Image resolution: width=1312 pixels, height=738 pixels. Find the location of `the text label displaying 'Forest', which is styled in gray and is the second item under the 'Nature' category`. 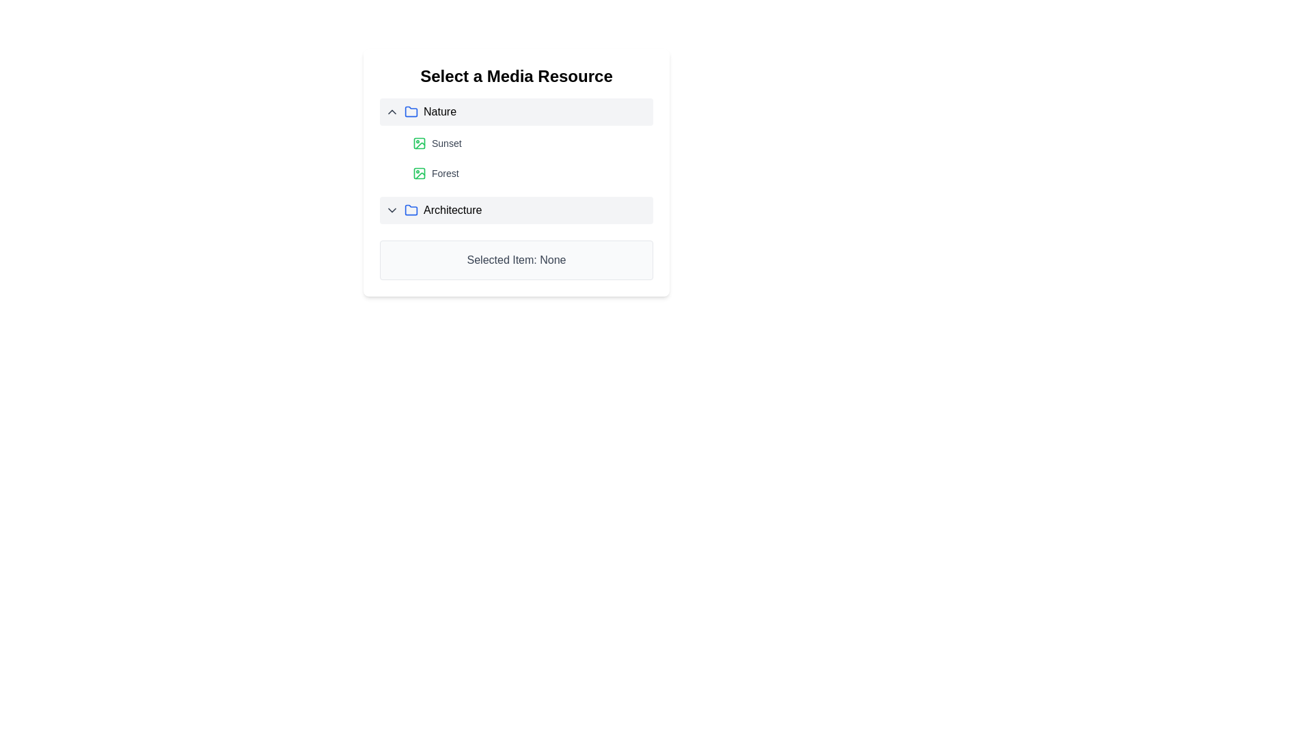

the text label displaying 'Forest', which is styled in gray and is the second item under the 'Nature' category is located at coordinates (445, 173).